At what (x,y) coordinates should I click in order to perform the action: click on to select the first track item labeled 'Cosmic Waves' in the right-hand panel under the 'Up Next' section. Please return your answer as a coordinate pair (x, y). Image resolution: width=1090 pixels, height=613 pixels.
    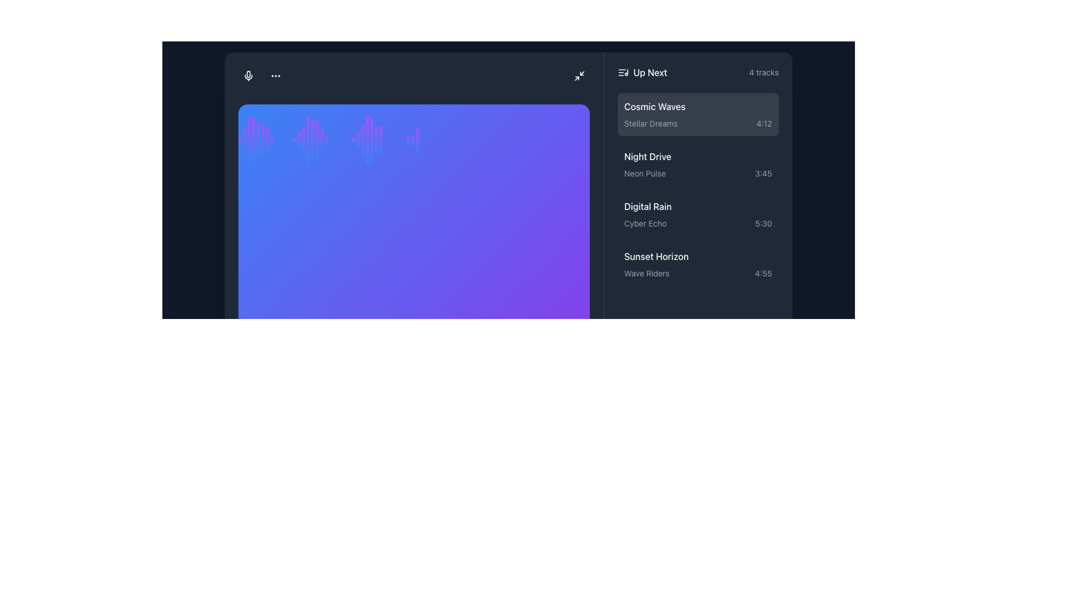
    Looking at the image, I should click on (697, 114).